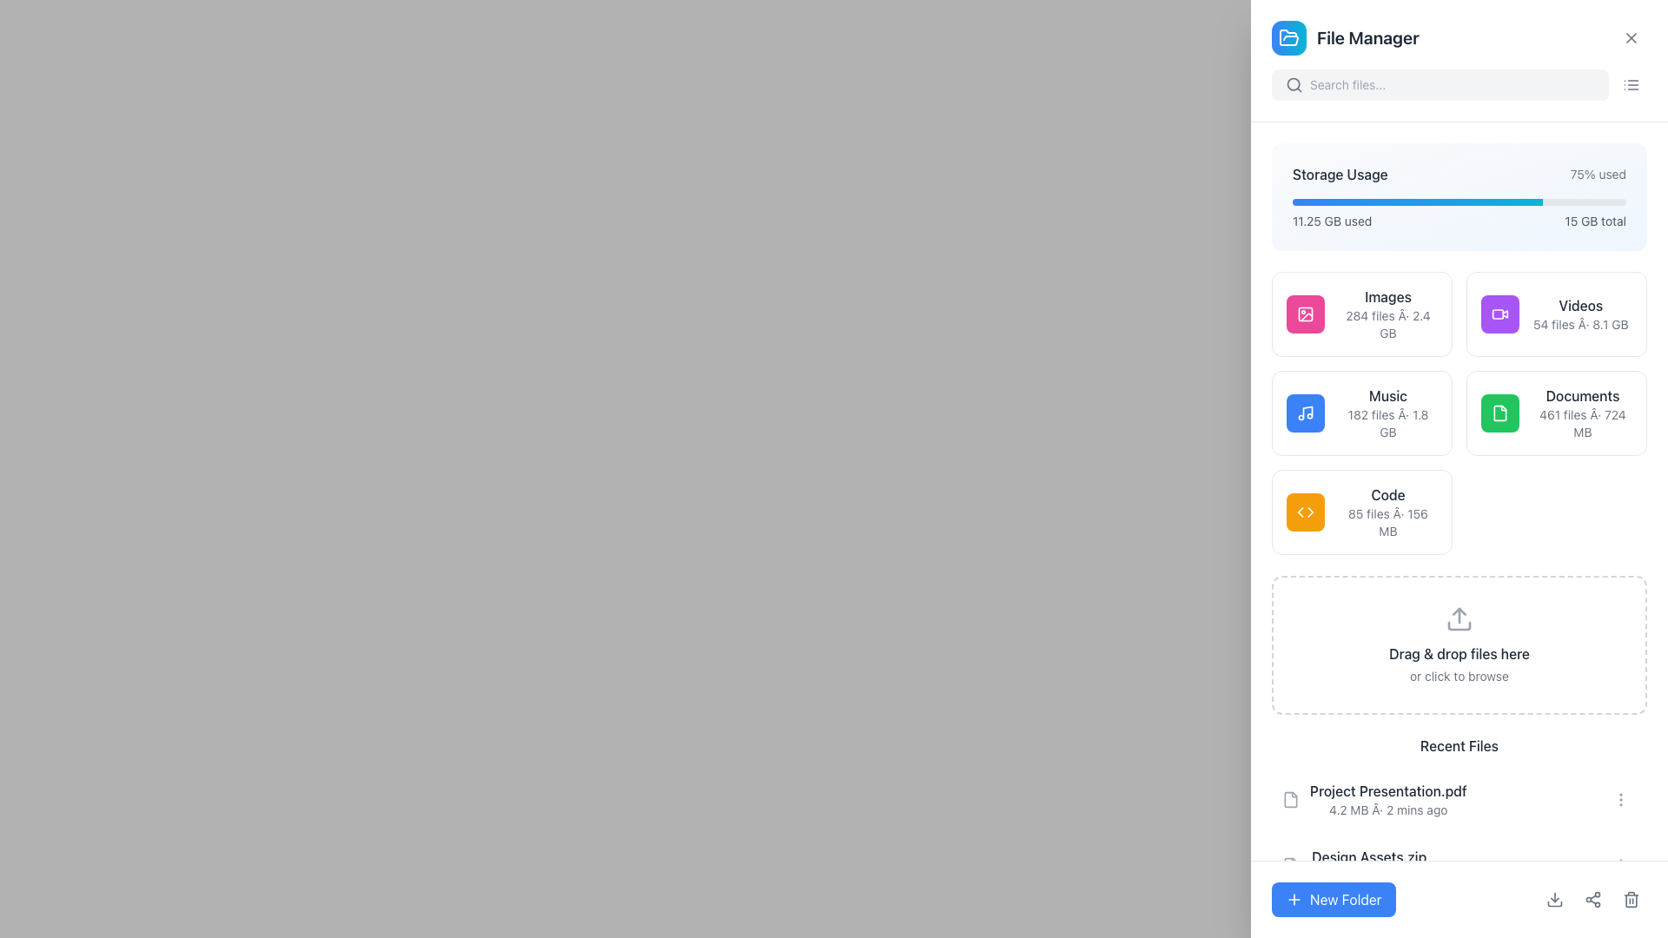 The width and height of the screenshot is (1668, 938). Describe the element at coordinates (1555, 899) in the screenshot. I see `the downward-pointing arrow icon, which is the first icon in the action bar at the bottom right corner of the interface` at that location.